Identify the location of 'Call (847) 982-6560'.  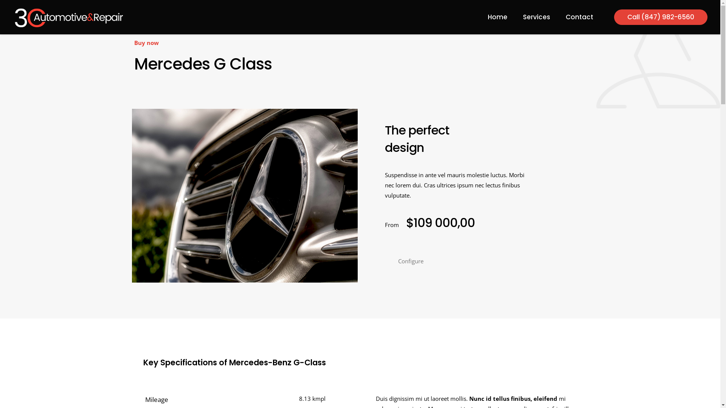
(660, 17).